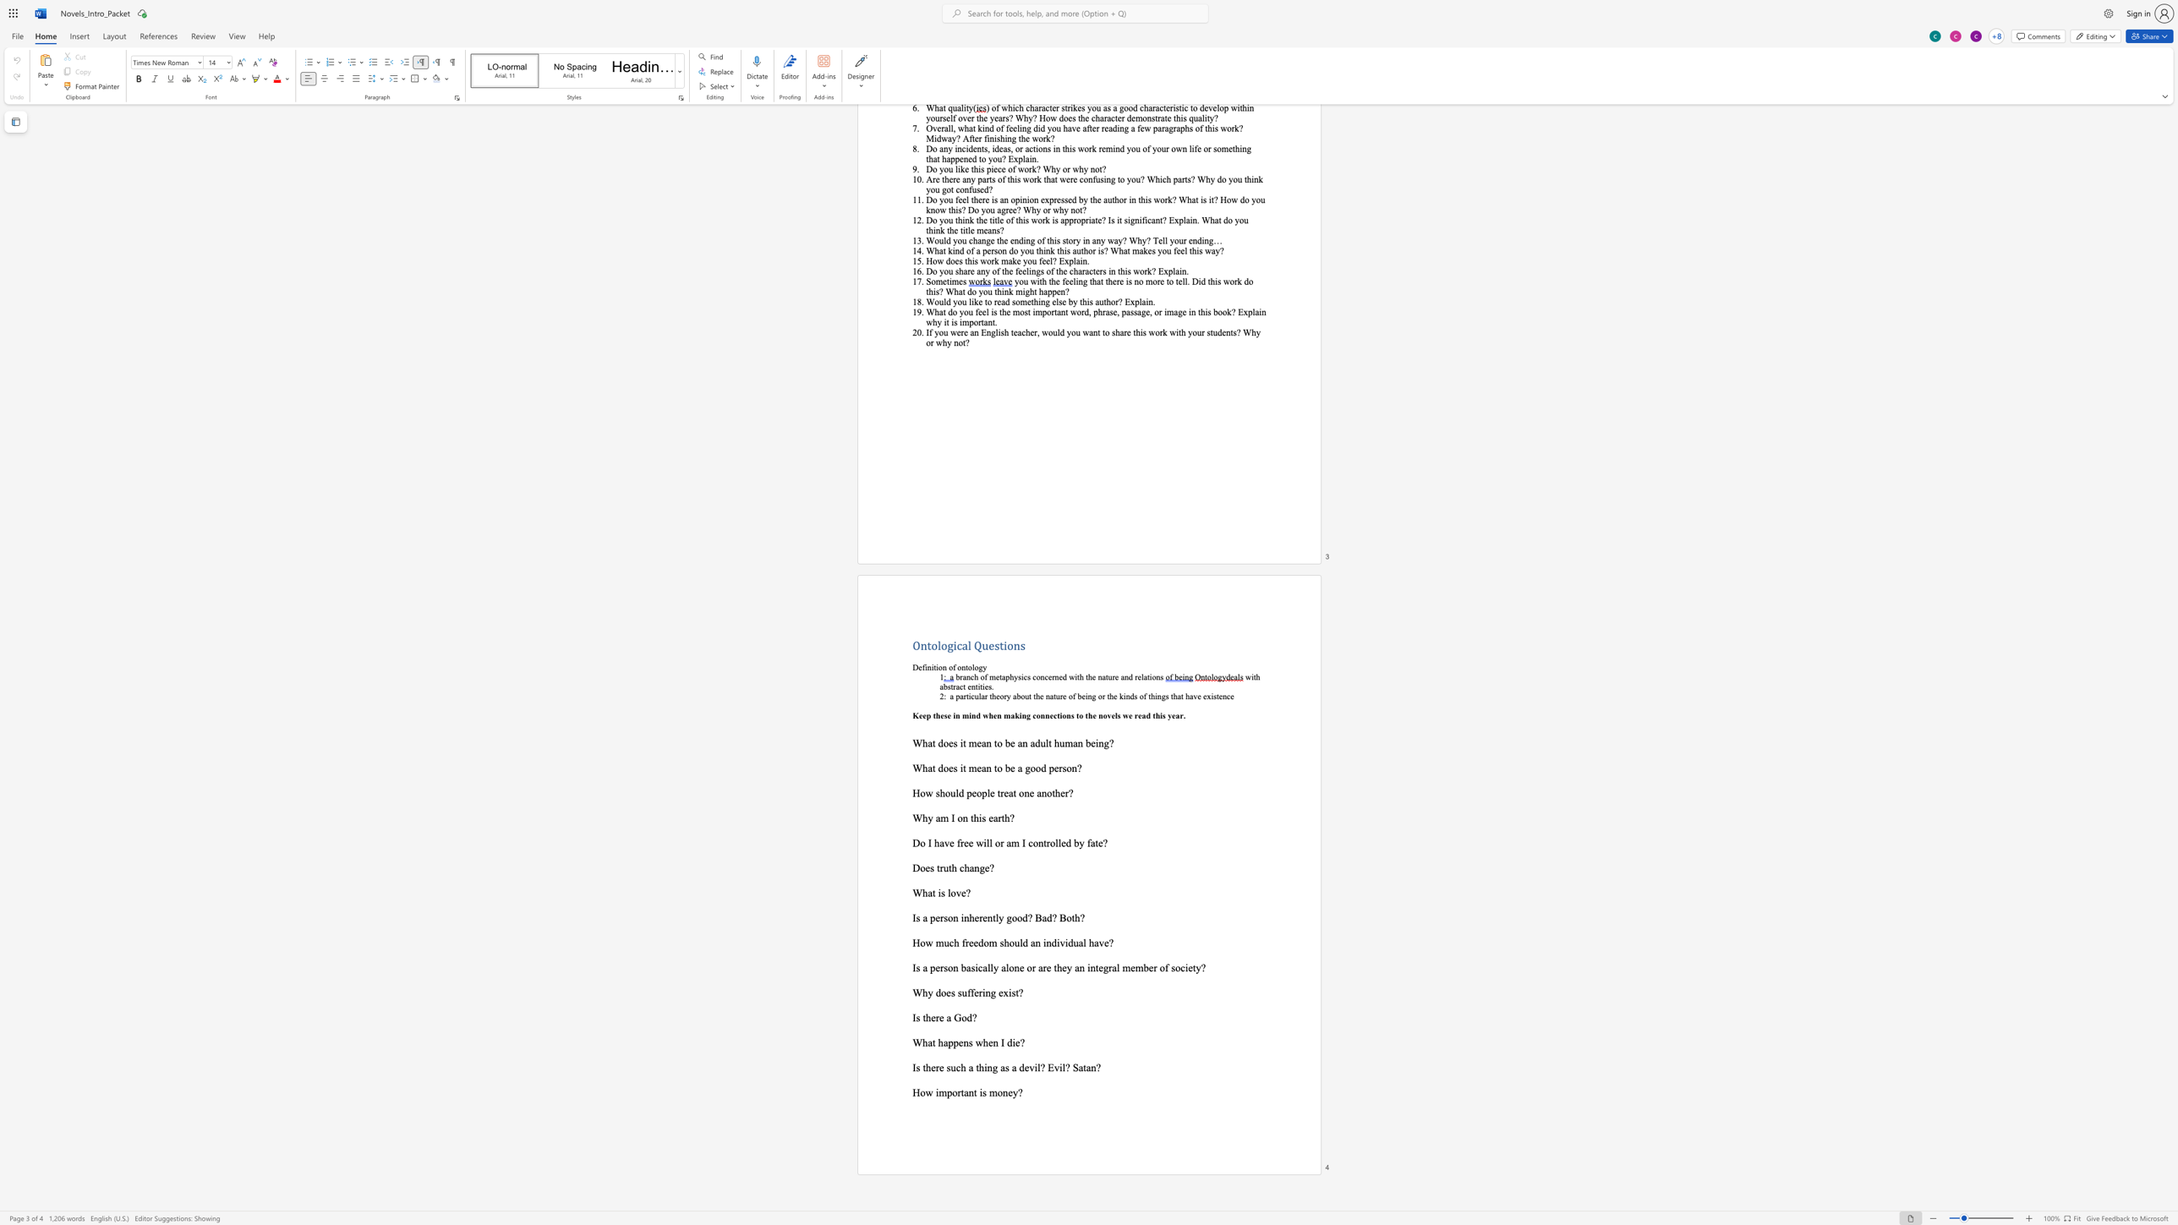 This screenshot has height=1225, width=2178. Describe the element at coordinates (935, 967) in the screenshot. I see `the space between the continuous character "p" and "e" in the text` at that location.